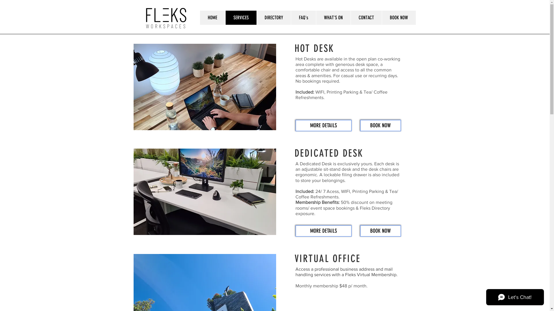  What do you see at coordinates (381, 231) in the screenshot?
I see `'BOOK NOW'` at bounding box center [381, 231].